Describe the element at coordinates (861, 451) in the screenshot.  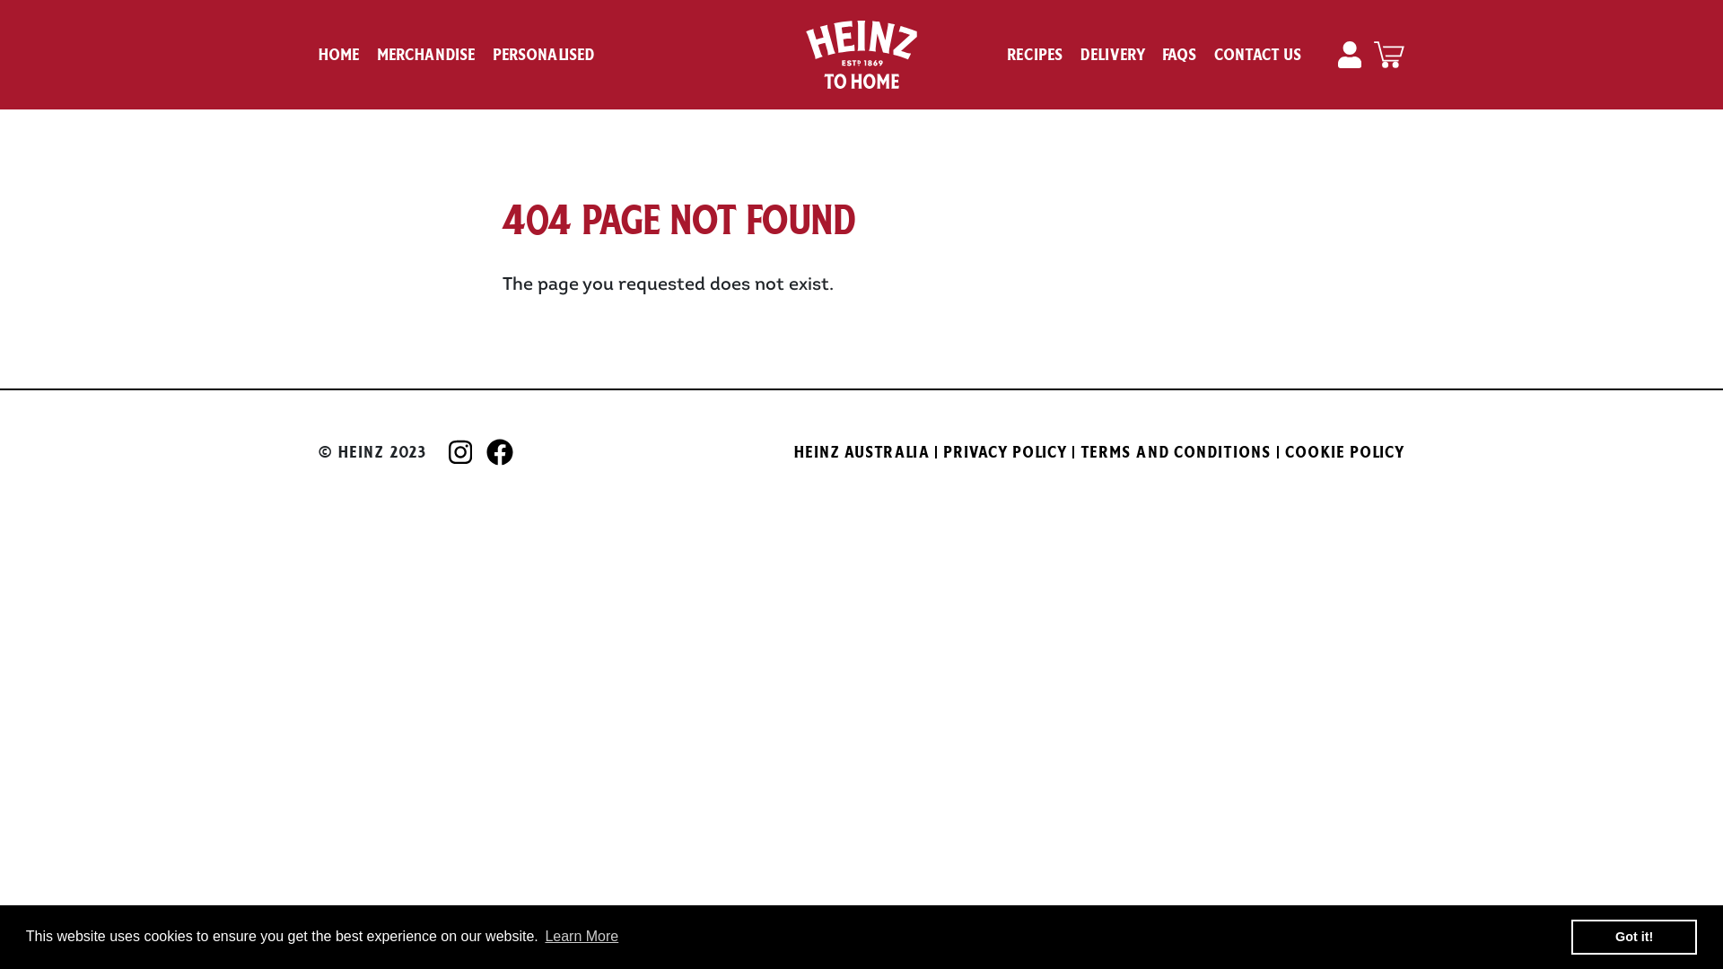
I see `'Heinz Australia'` at that location.